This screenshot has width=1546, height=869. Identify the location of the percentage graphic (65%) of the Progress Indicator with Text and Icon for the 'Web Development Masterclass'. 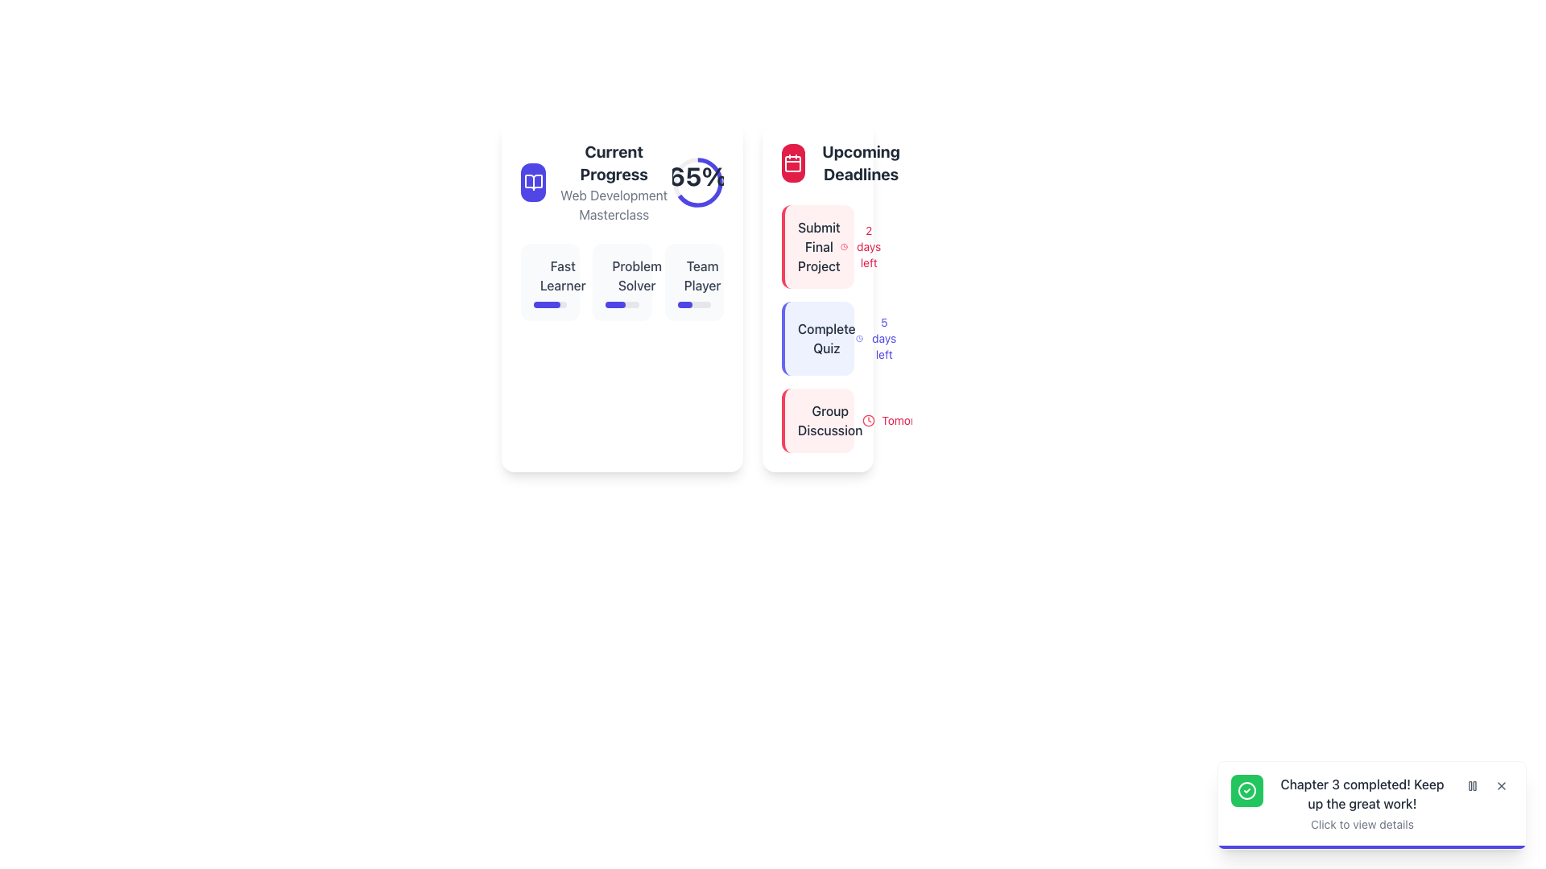
(621, 182).